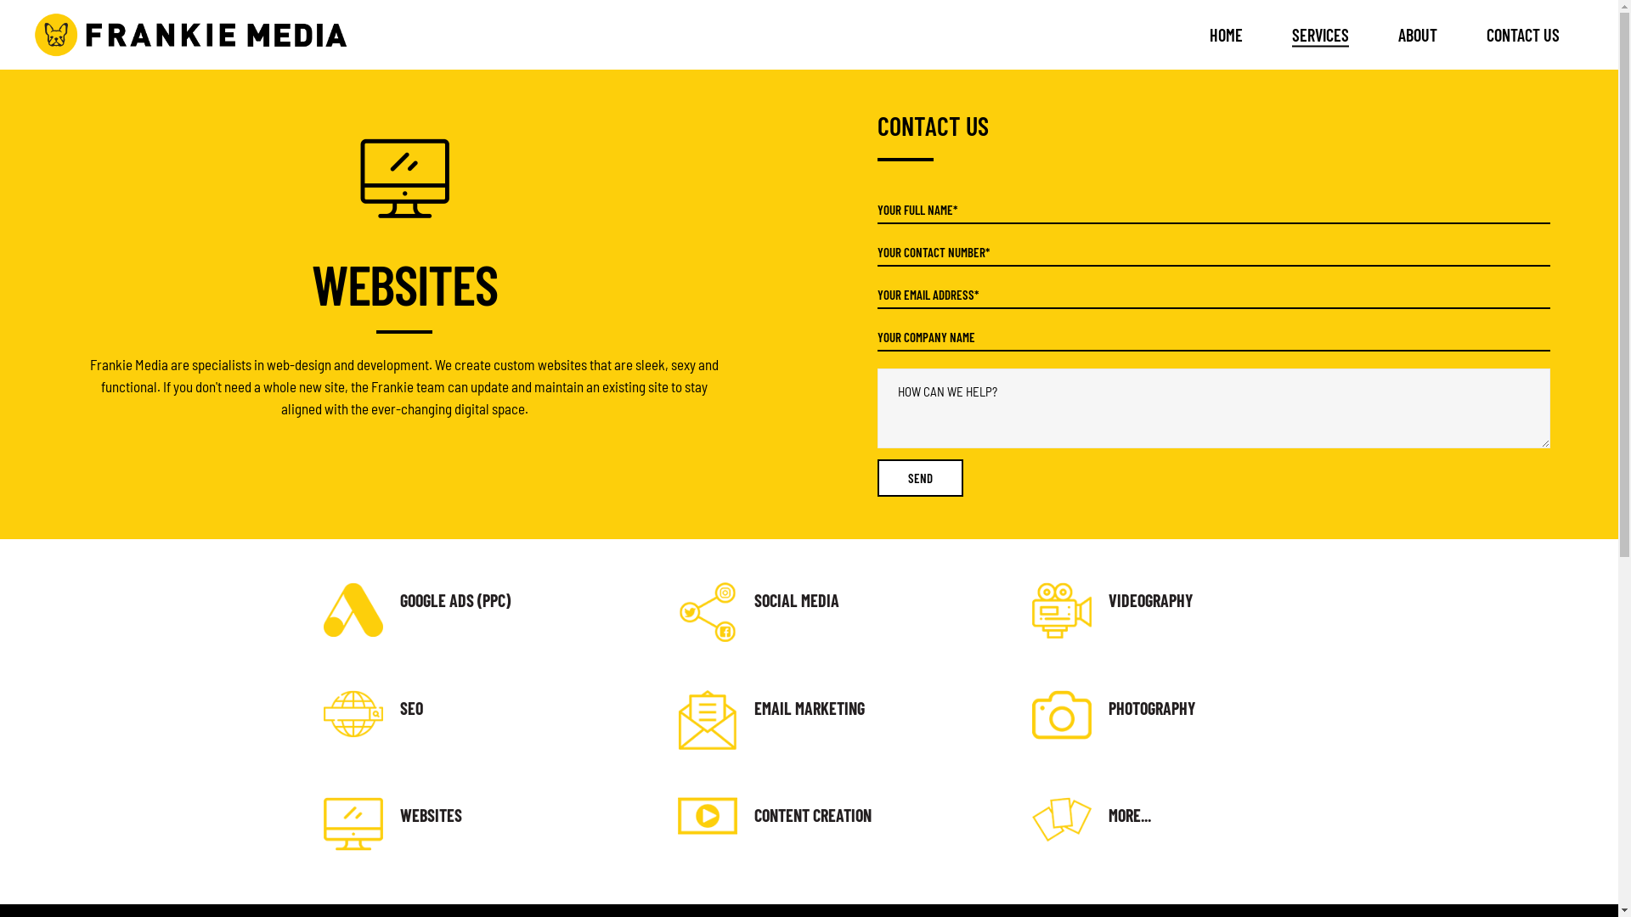  I want to click on 'VIDEOGRAPHY', so click(1150, 599).